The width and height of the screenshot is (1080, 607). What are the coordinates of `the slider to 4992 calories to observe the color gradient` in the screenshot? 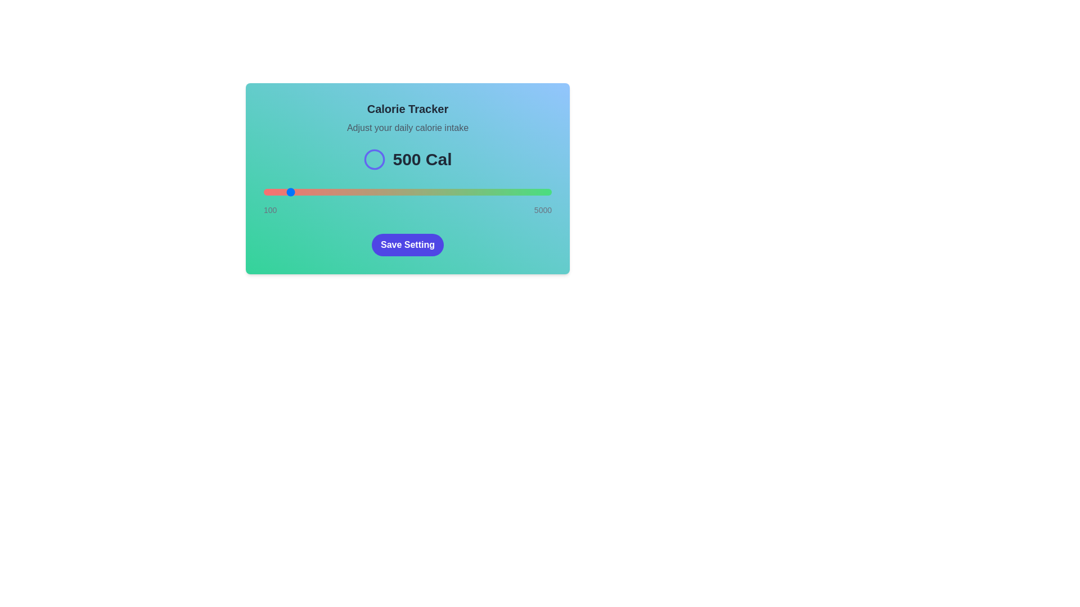 It's located at (551, 192).